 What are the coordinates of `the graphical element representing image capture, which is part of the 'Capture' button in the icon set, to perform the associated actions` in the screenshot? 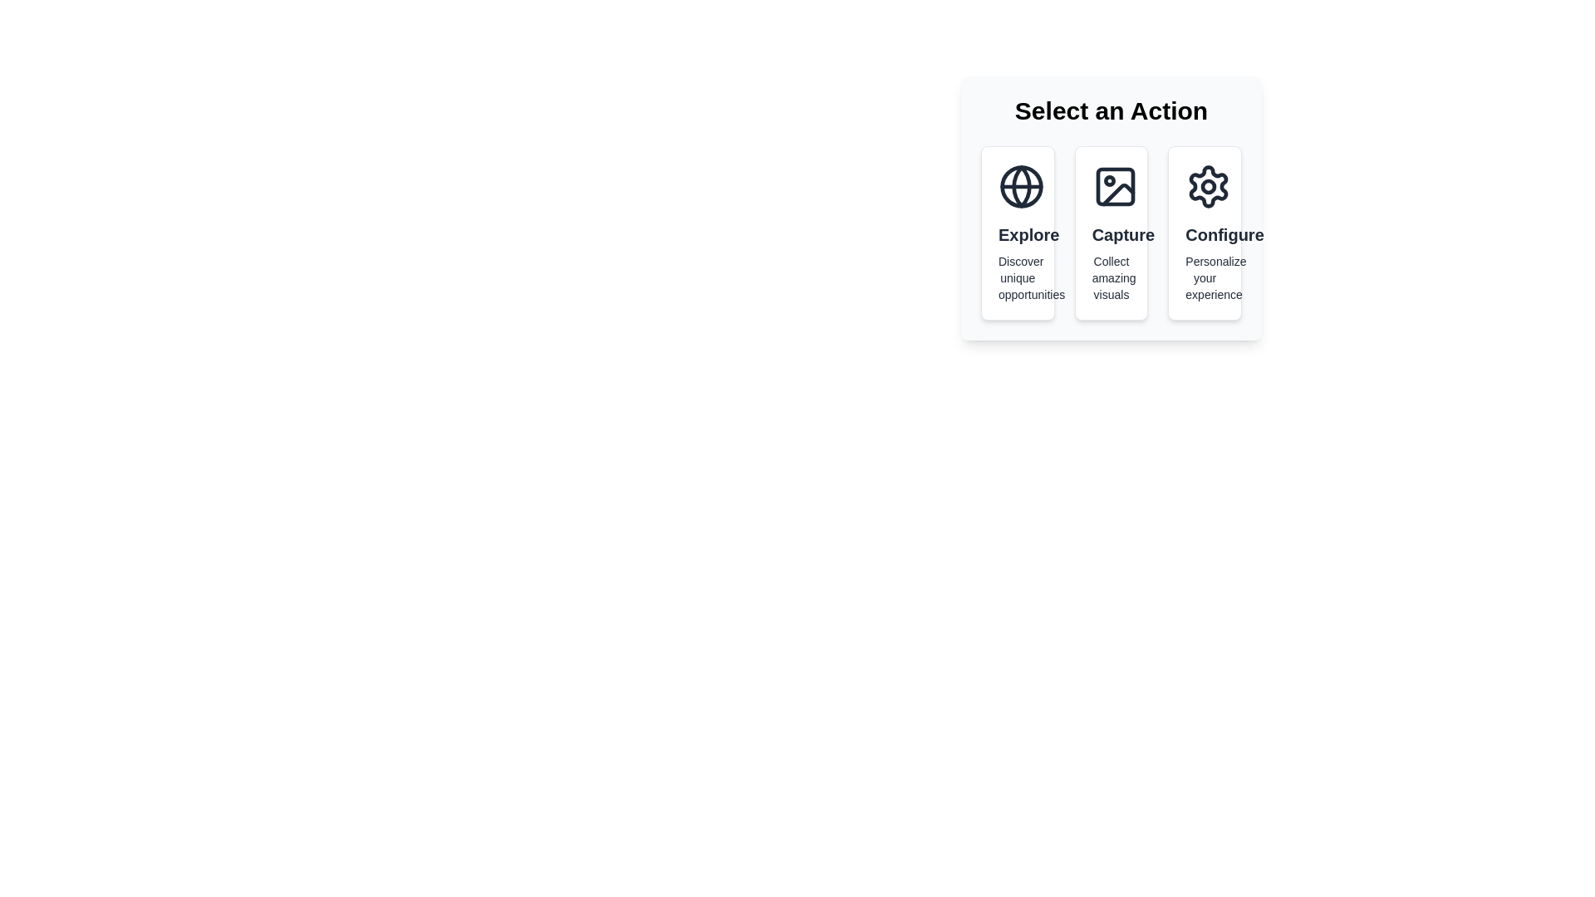 It's located at (1115, 186).